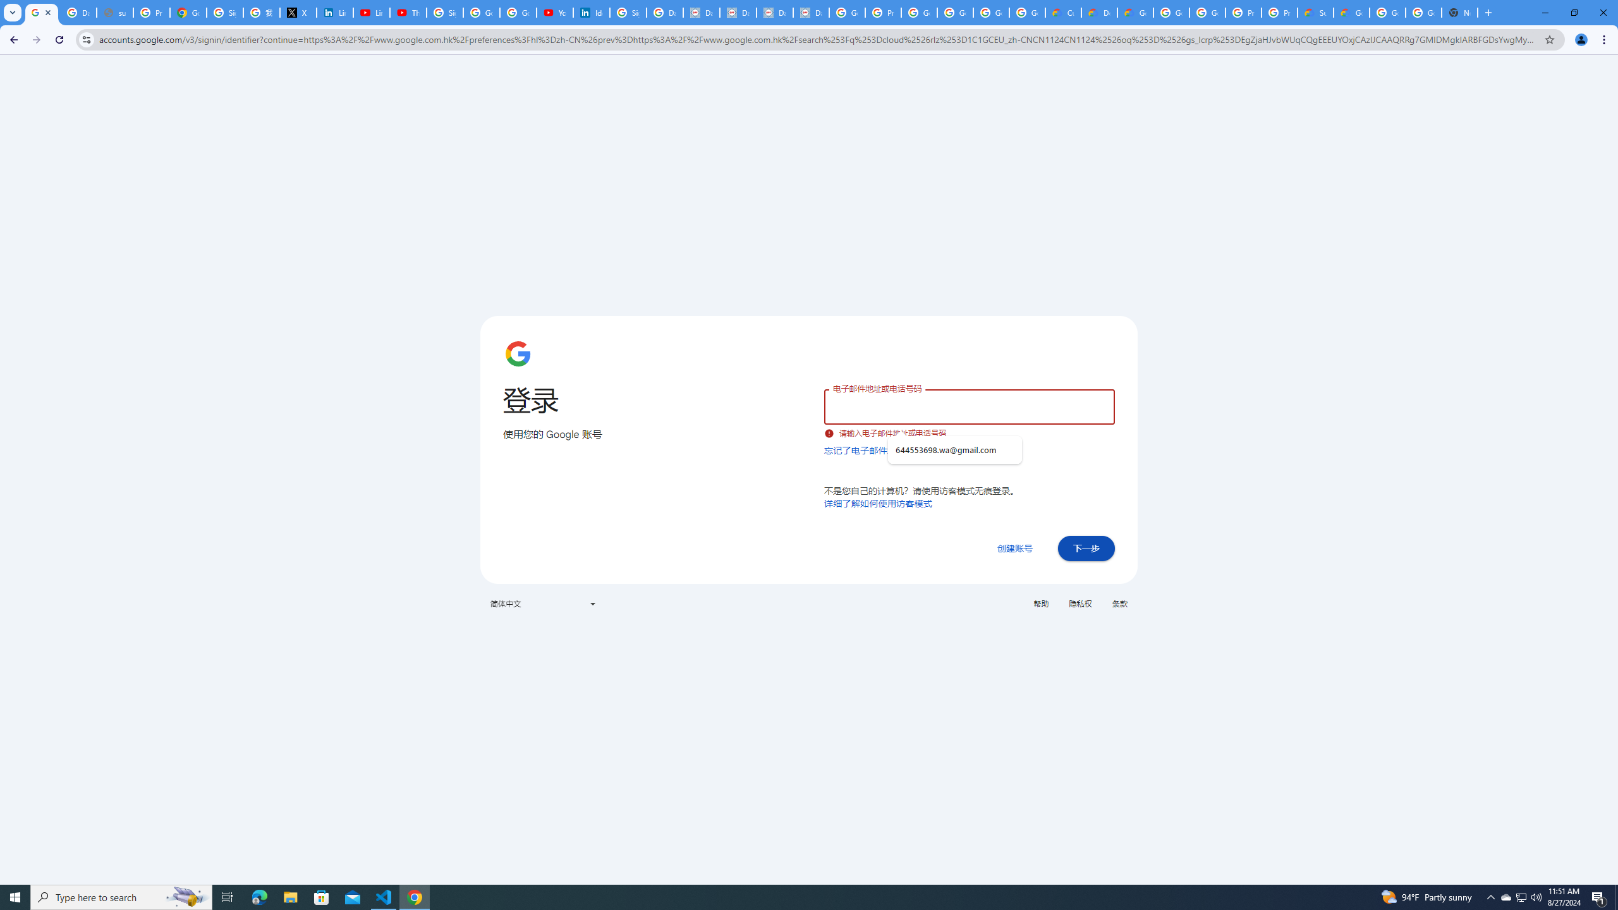 The height and width of the screenshot is (910, 1618). What do you see at coordinates (224, 12) in the screenshot?
I see `'Sign in - Google Accounts'` at bounding box center [224, 12].